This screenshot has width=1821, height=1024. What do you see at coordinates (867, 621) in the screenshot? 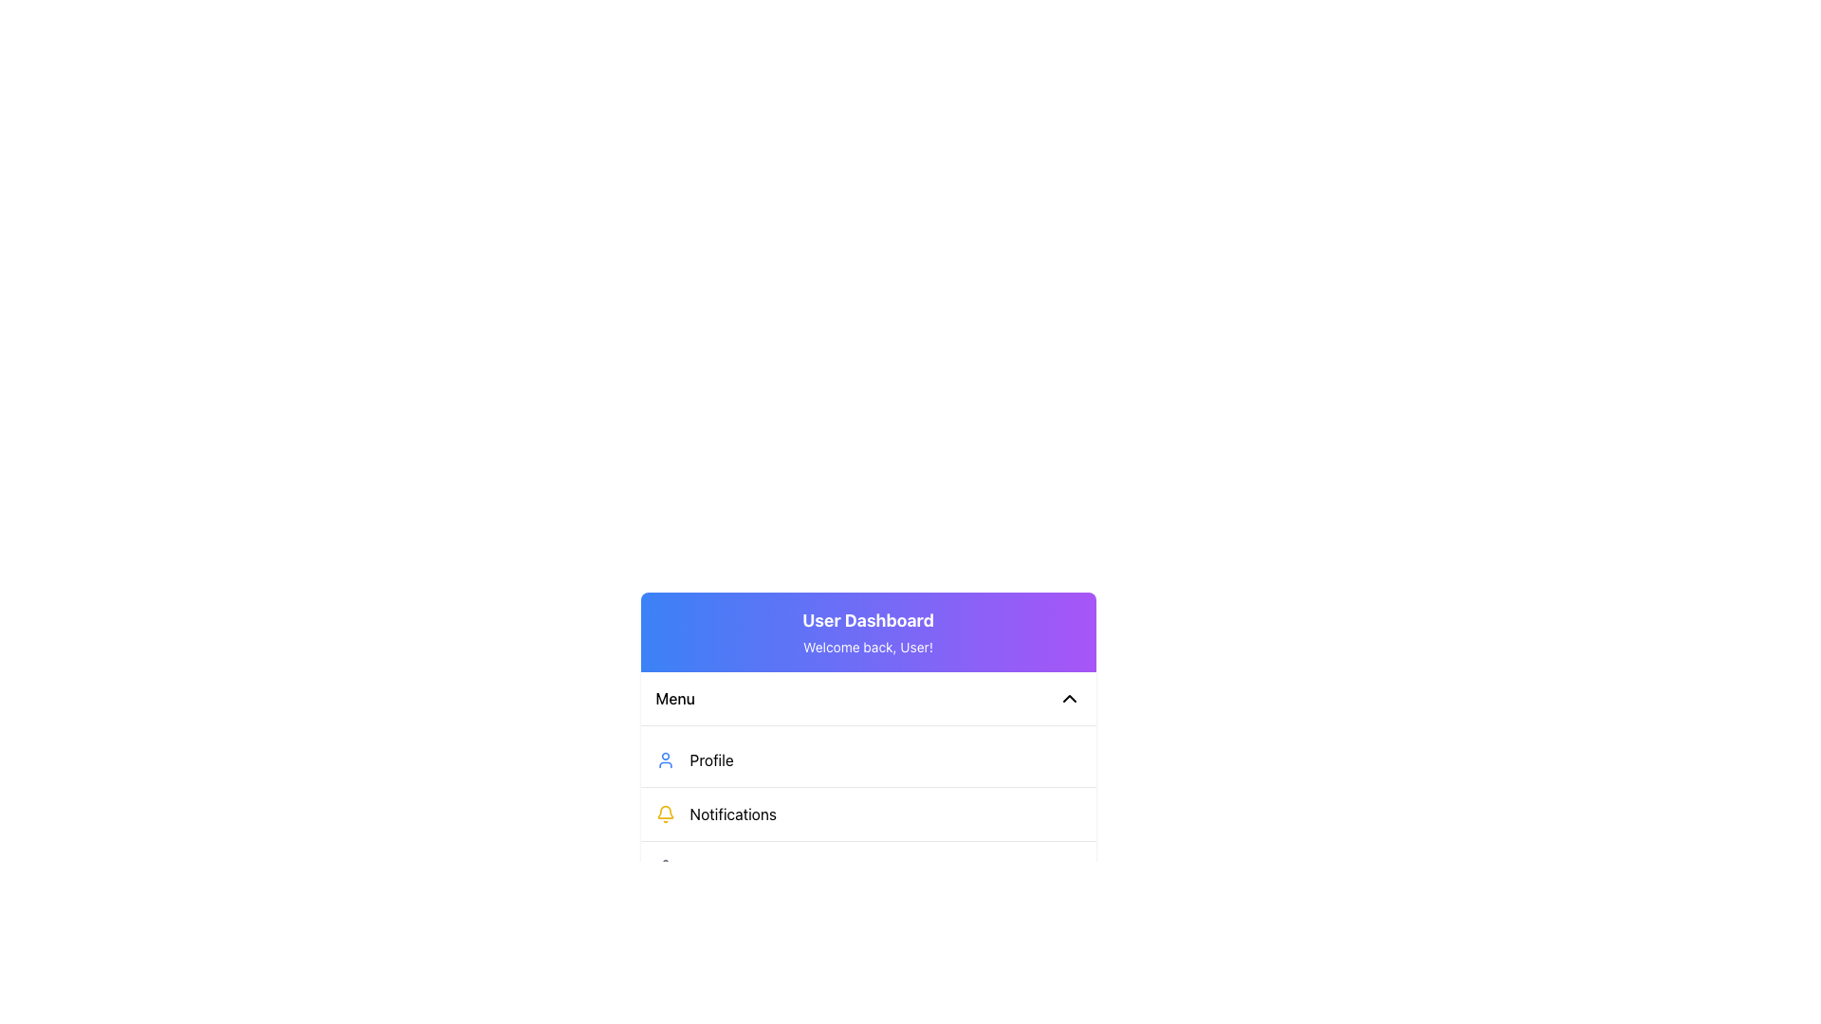
I see `the title text element located at the top-center of the card-like component` at bounding box center [867, 621].